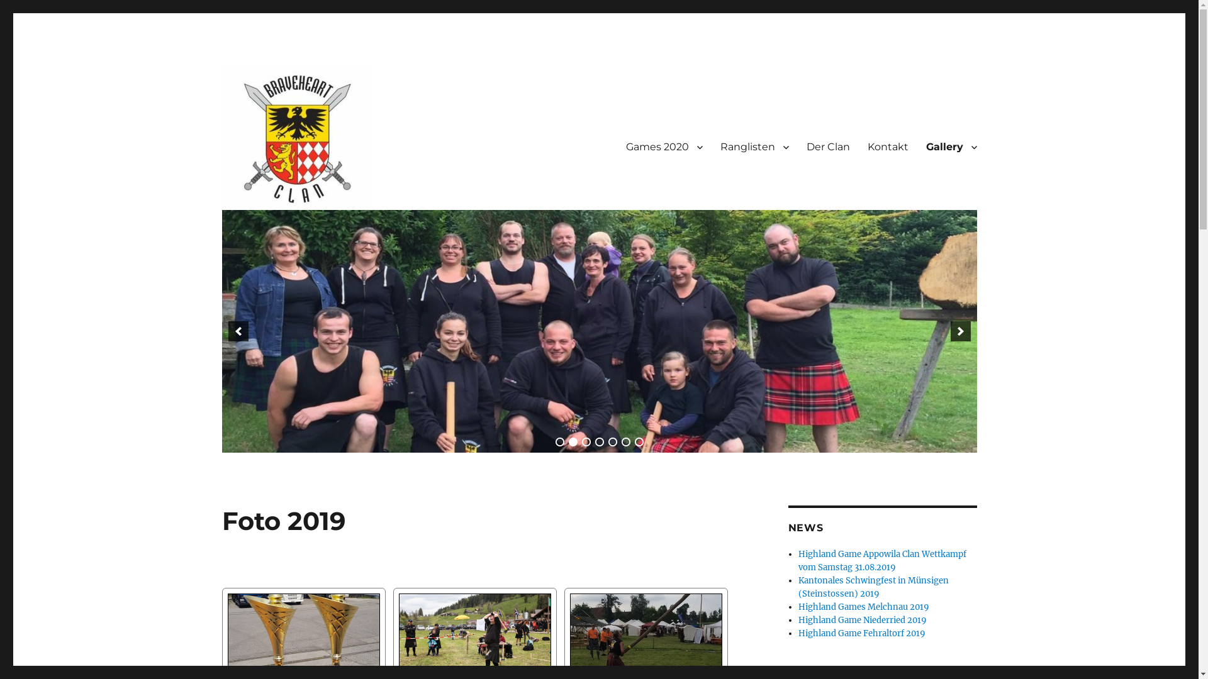 The image size is (1208, 679). What do you see at coordinates (797, 619) in the screenshot?
I see `'Highland Game Niederried 2019'` at bounding box center [797, 619].